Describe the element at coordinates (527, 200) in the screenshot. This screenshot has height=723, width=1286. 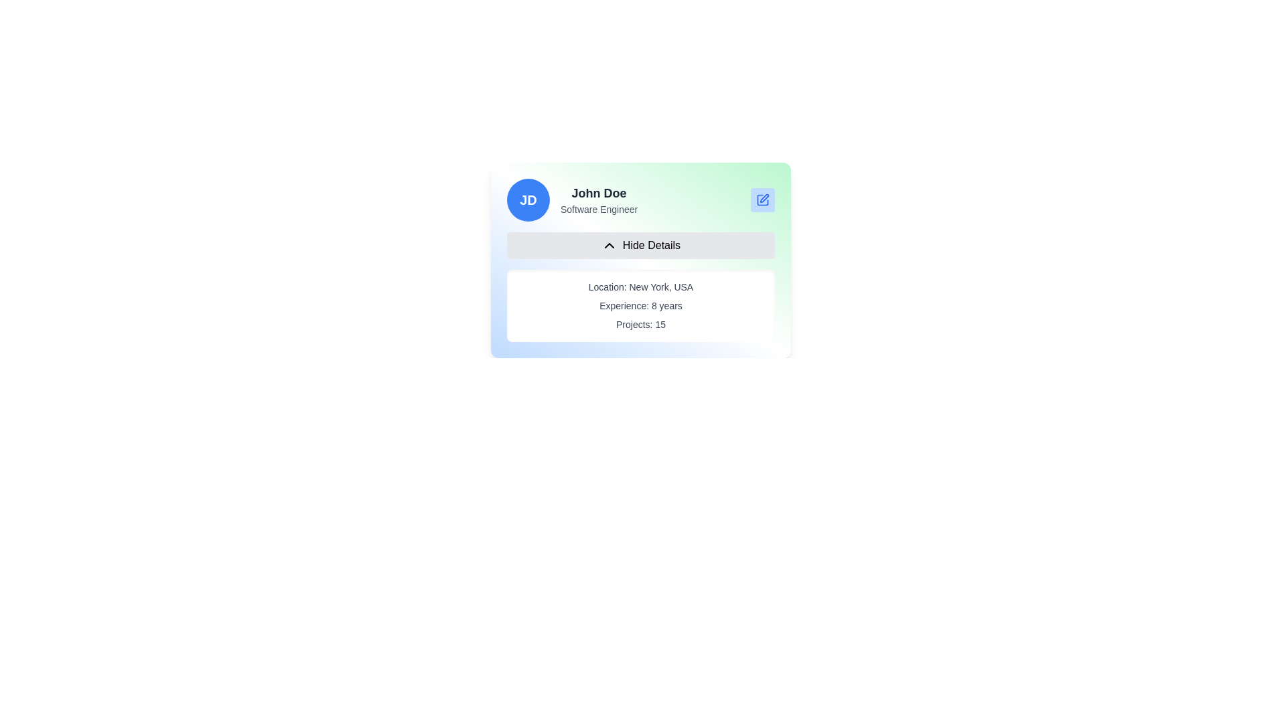
I see `the Decorative Avatar badge, which visually identifies the user and is located to the left of the 'John Doe' text in the profile card layout` at that location.